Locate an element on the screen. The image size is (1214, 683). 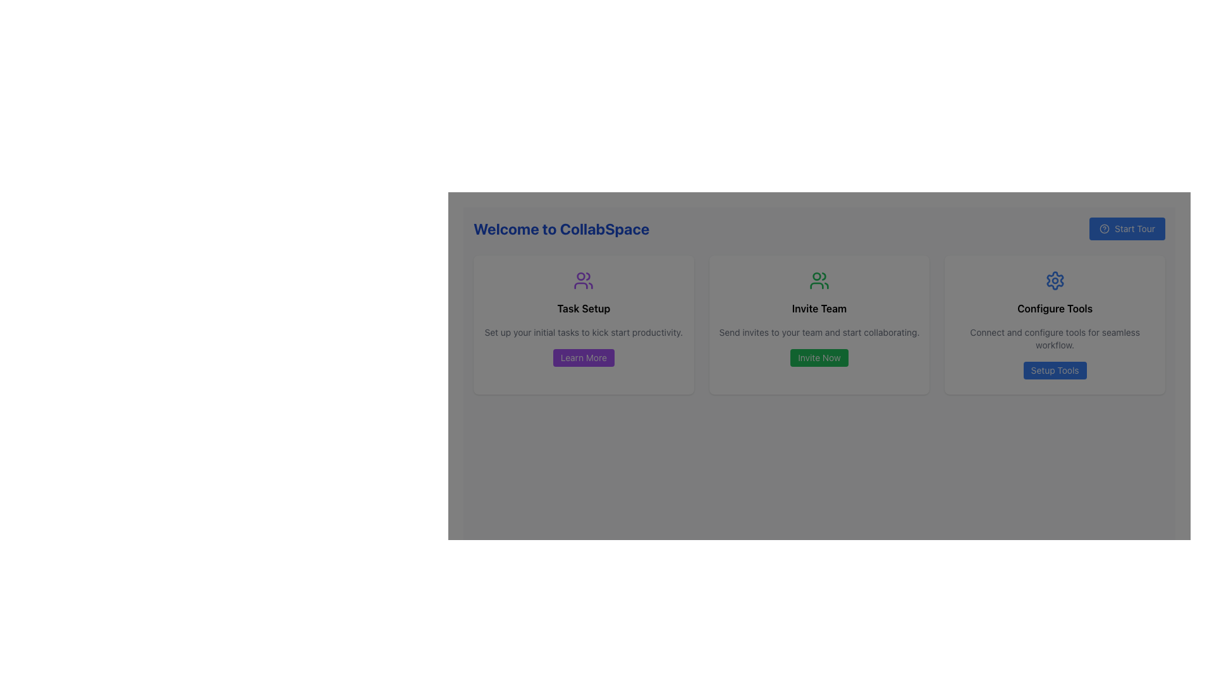
the 'Invite Team' button located at the bottom of the middle card in a three-card layout is located at coordinates (819, 358).